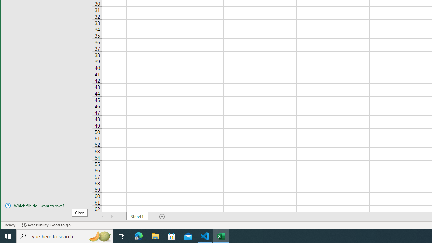  Describe the element at coordinates (121, 236) in the screenshot. I see `'Task View'` at that location.